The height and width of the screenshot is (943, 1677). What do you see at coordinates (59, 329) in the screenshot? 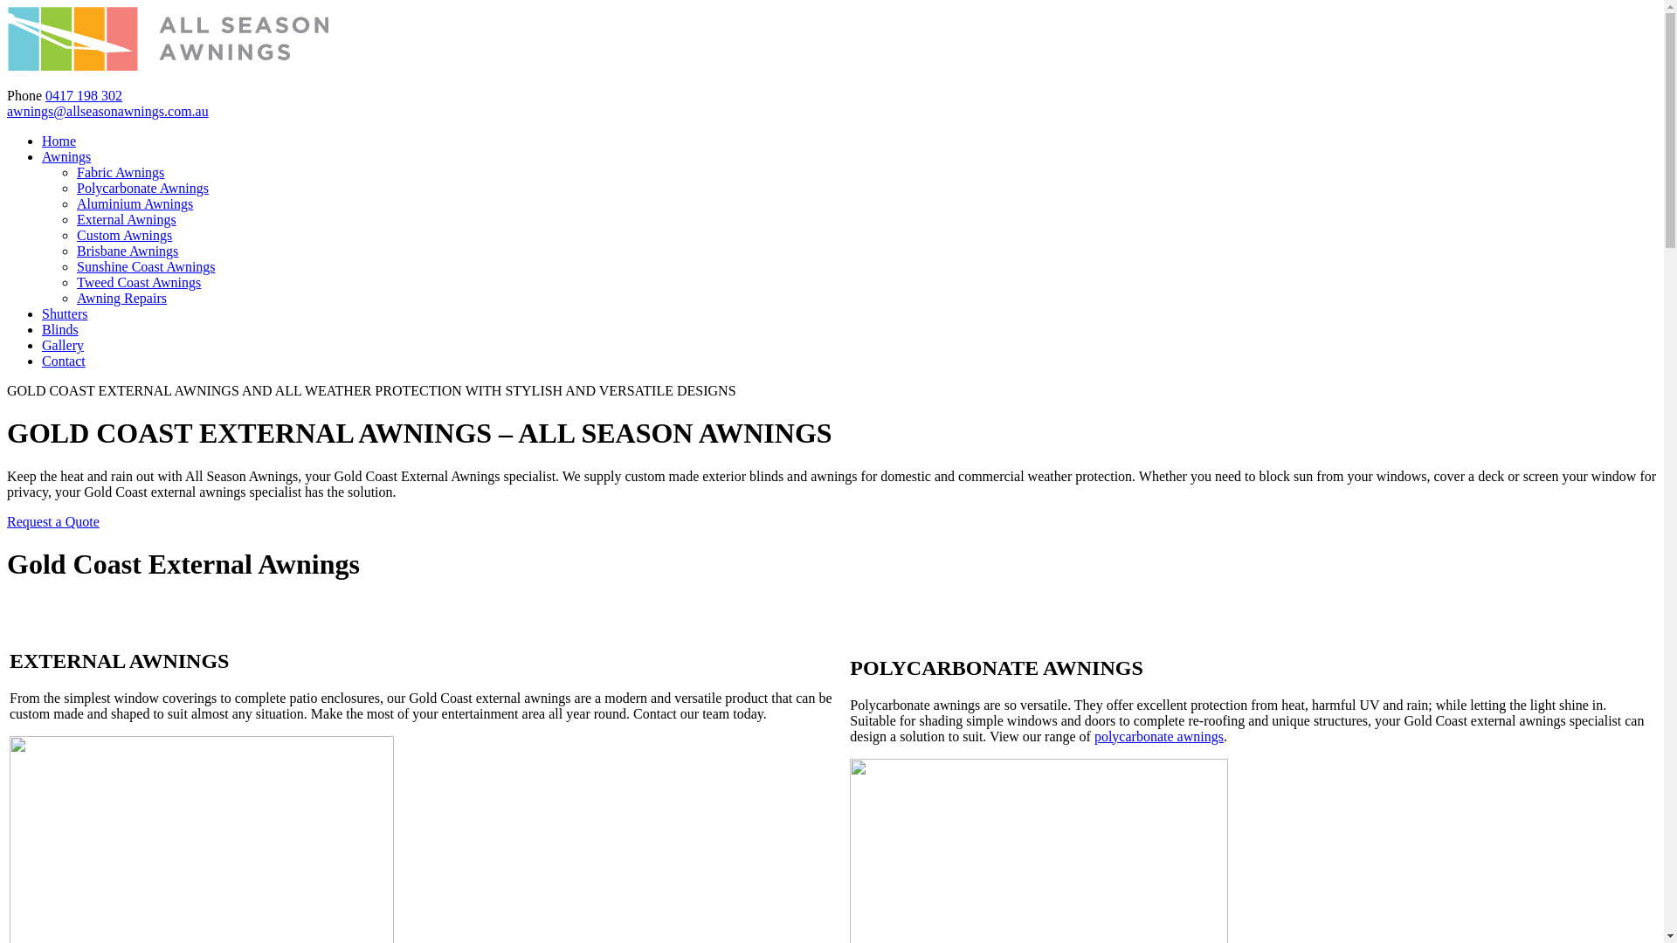
I see `'Blinds'` at bounding box center [59, 329].